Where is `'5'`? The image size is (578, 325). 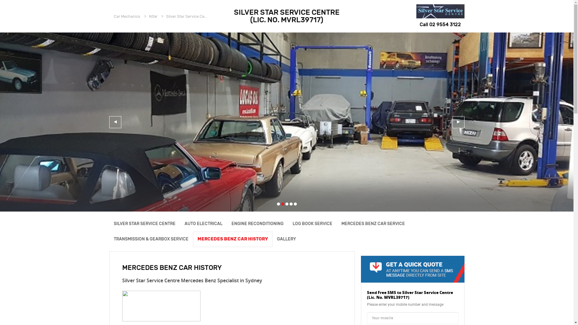
'5' is located at coordinates (295, 204).